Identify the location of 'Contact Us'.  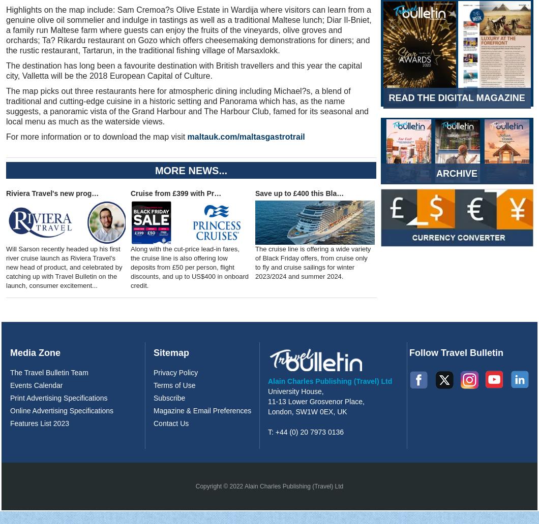
(171, 423).